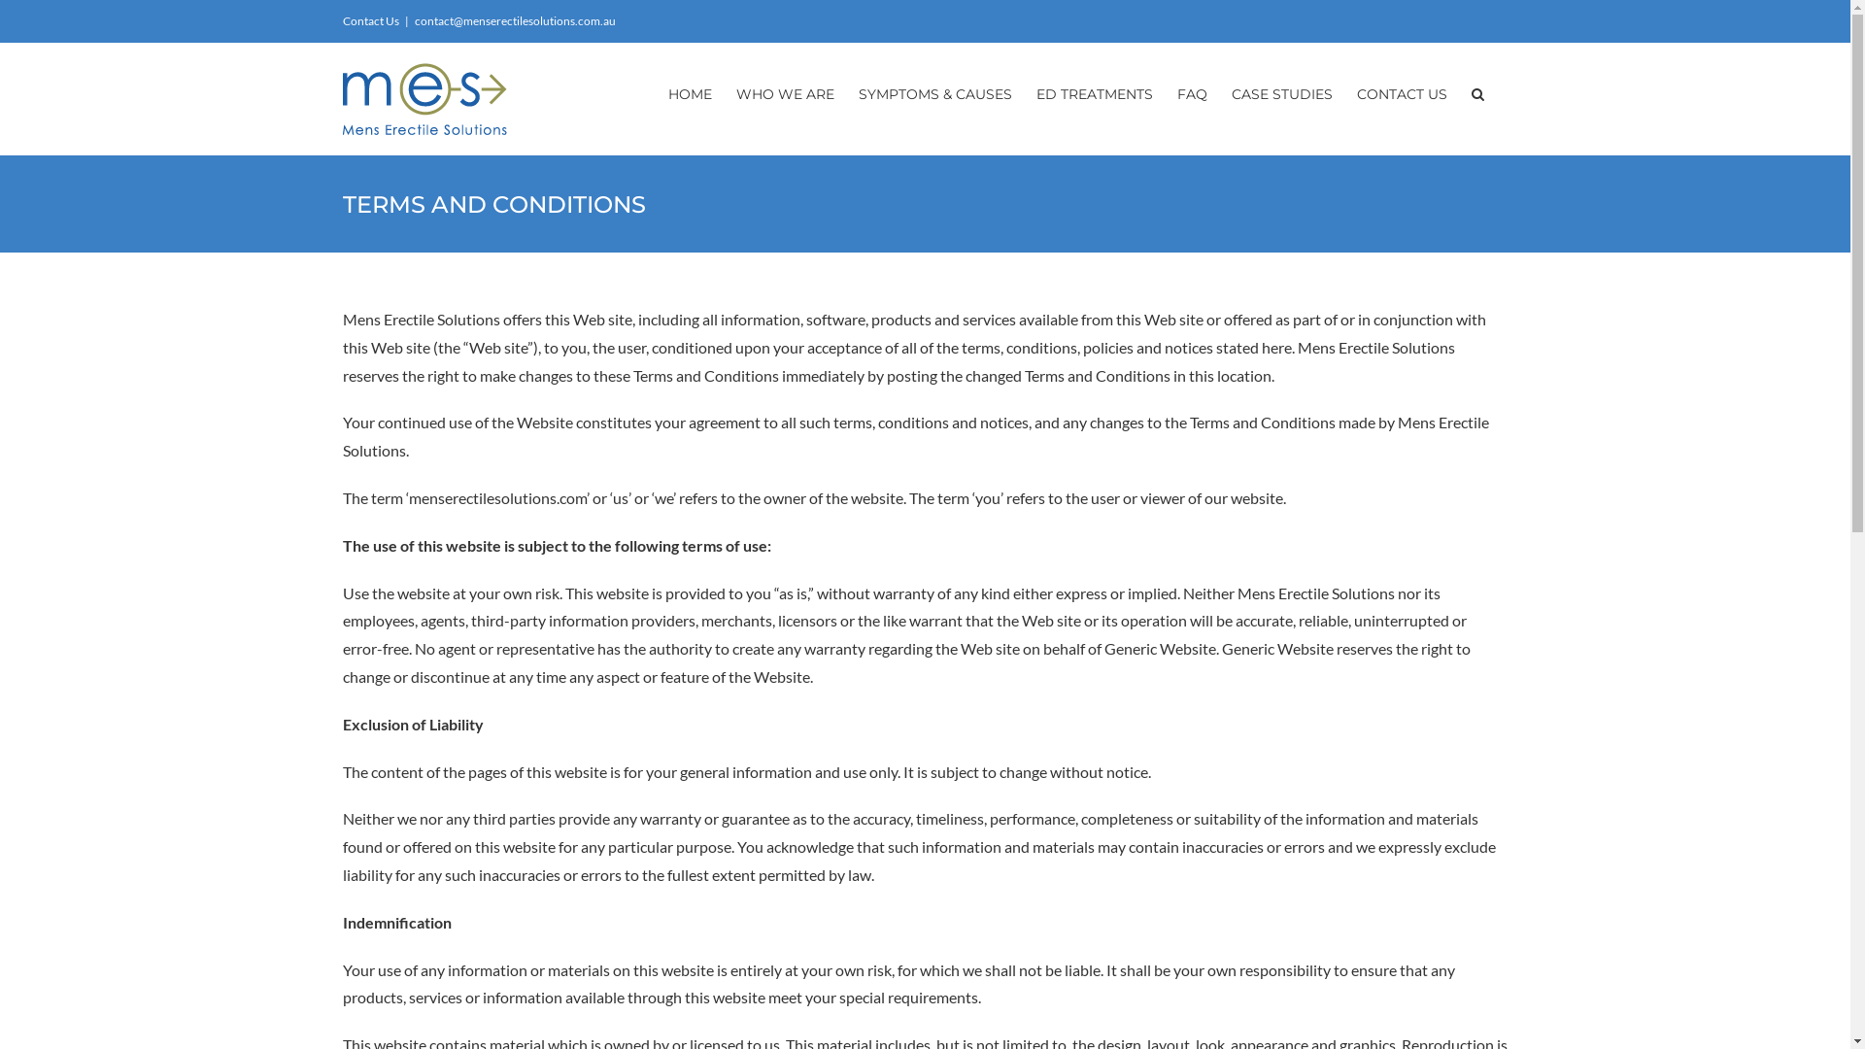 The height and width of the screenshot is (1049, 1865). Describe the element at coordinates (1191, 93) in the screenshot. I see `'FAQ'` at that location.